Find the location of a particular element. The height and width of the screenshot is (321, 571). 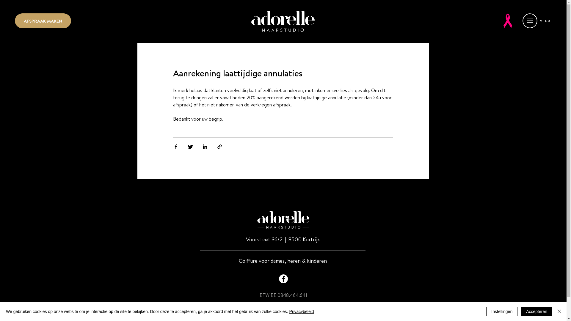

'AFSPRAAK MAKEN' is located at coordinates (15, 20).